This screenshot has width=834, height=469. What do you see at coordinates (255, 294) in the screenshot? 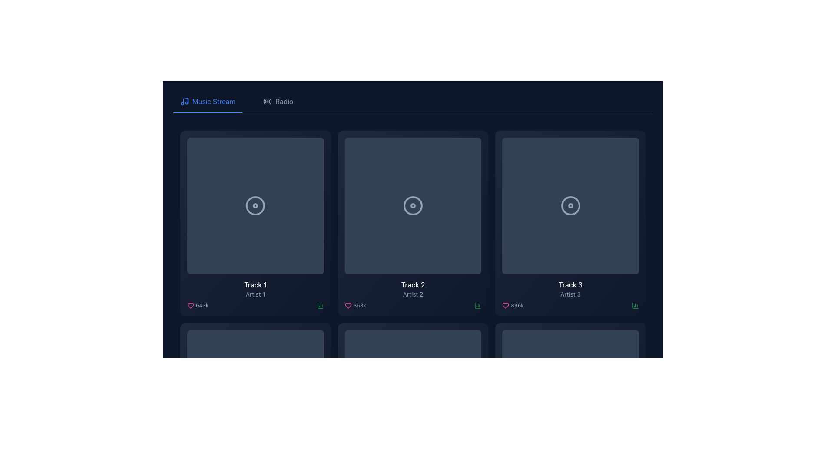
I see `the static text label displaying 'Artist 1', which is located beneath 'Track 1' in a dark-themed card design` at bounding box center [255, 294].